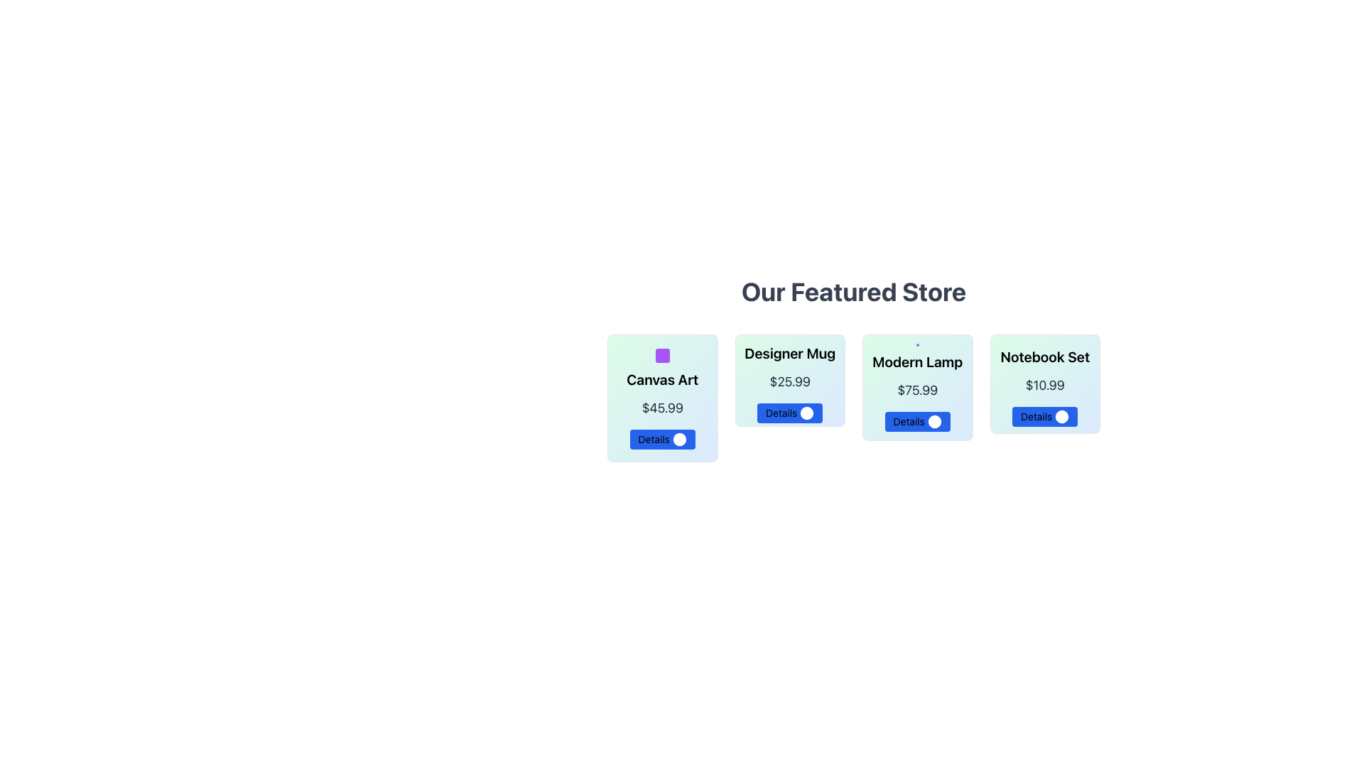  I want to click on the price label displaying '$75.99' for the Modern Lamp, which is centered below the product name and above the 'Details' button, so click(917, 391).